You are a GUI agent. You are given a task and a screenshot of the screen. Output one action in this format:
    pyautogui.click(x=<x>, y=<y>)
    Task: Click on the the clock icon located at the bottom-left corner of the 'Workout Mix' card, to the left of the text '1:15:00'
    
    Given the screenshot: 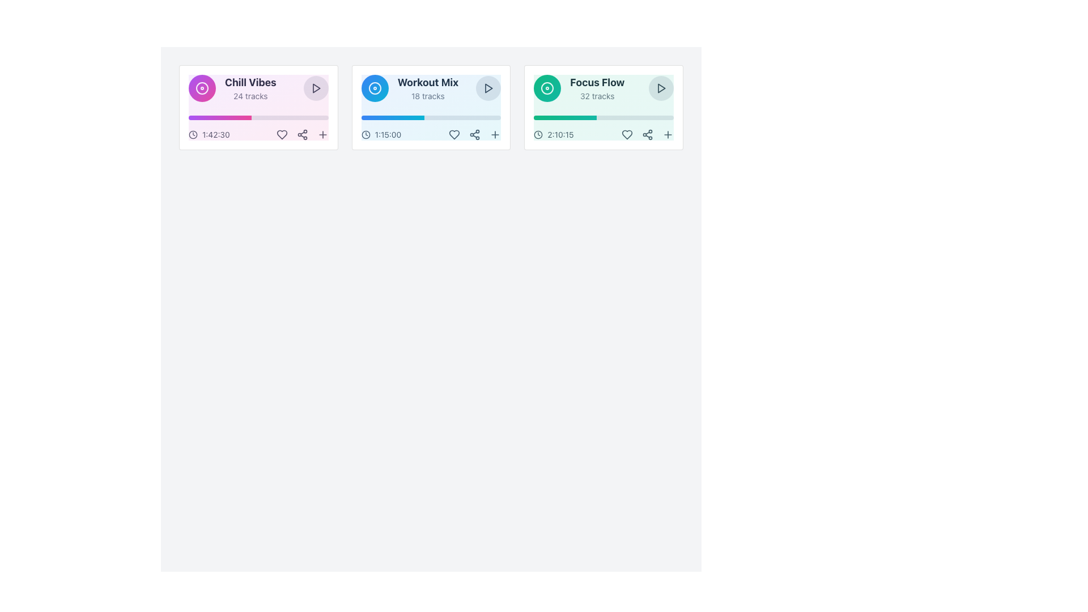 What is the action you would take?
    pyautogui.click(x=365, y=134)
    